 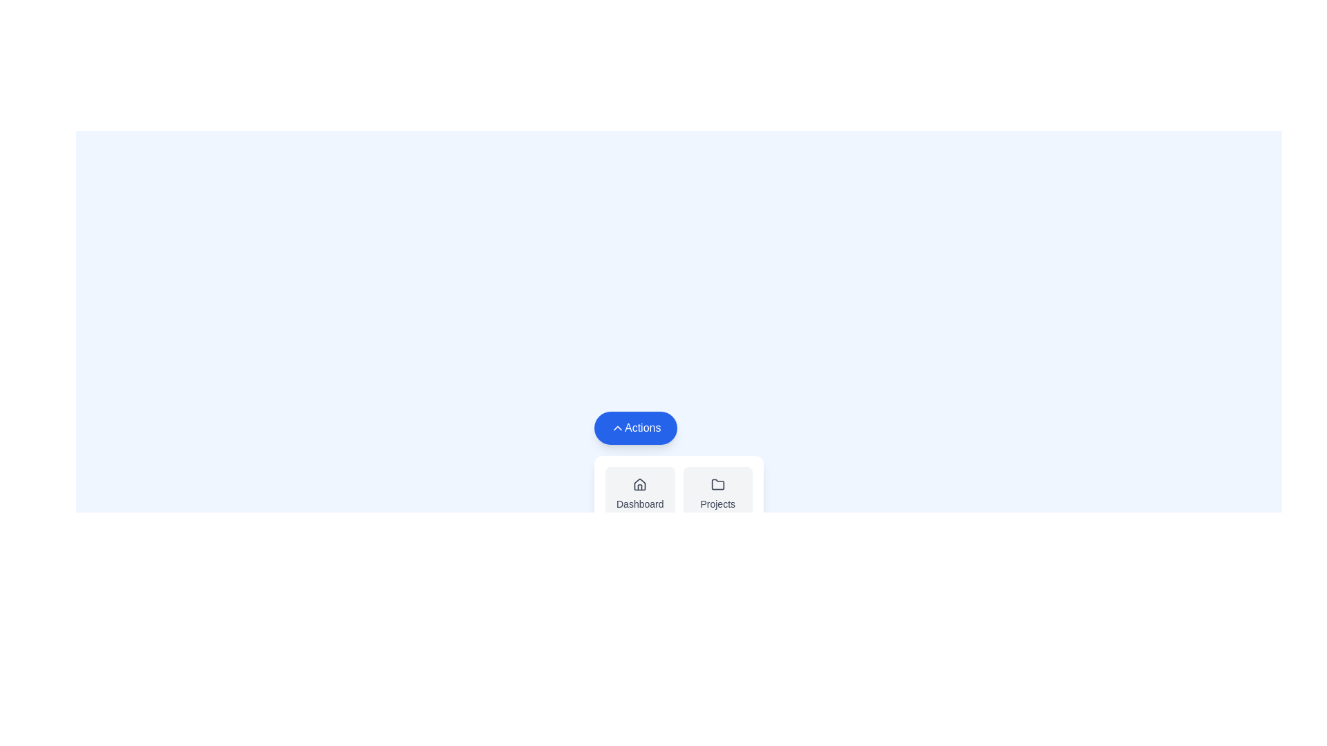 I want to click on the Dashboard option to observe its hover effect, so click(x=639, y=494).